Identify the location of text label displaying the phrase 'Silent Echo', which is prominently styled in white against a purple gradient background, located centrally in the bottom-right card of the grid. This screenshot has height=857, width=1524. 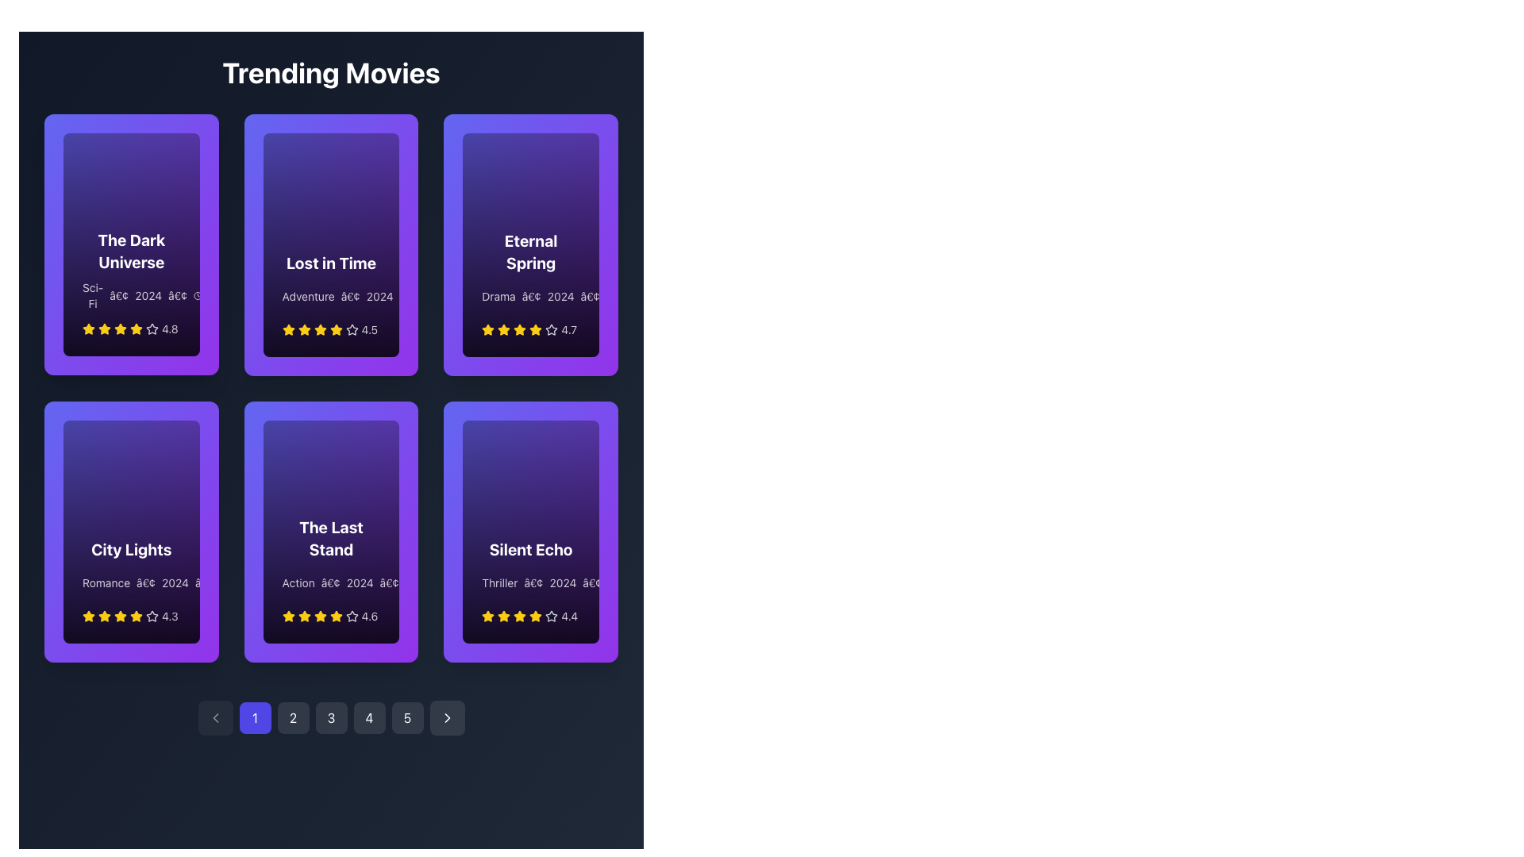
(531, 549).